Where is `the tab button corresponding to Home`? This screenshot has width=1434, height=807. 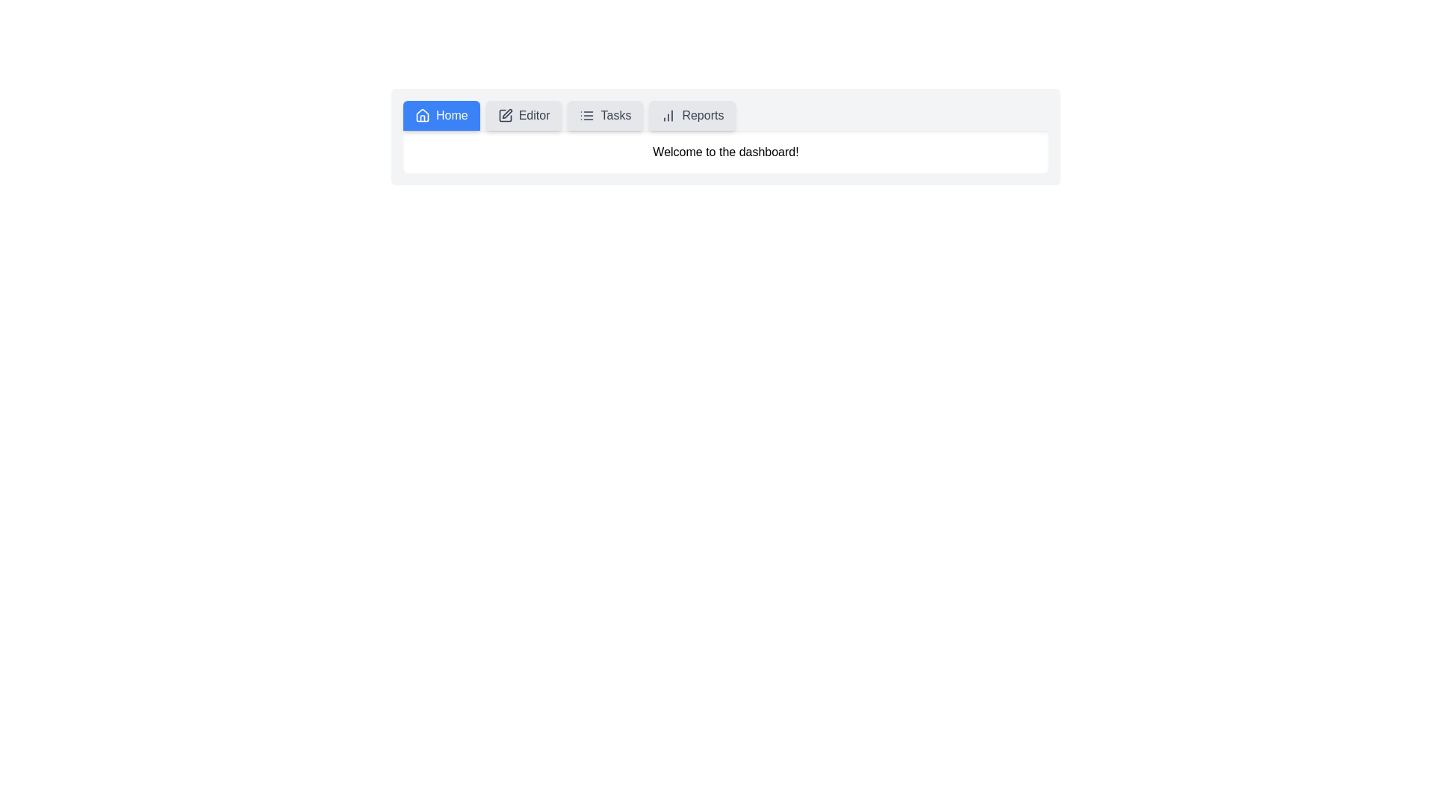 the tab button corresponding to Home is located at coordinates (440, 114).